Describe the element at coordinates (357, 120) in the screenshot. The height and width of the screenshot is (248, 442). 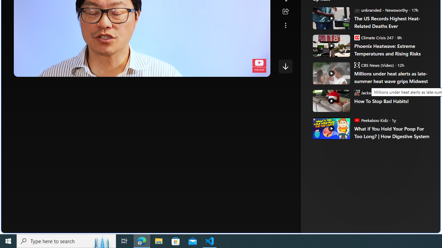
I see `'Peekaboo Kidz'` at that location.